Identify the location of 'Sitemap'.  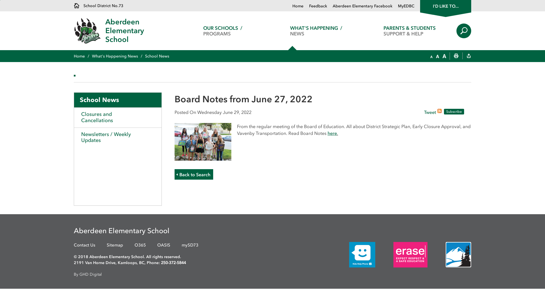
(106, 245).